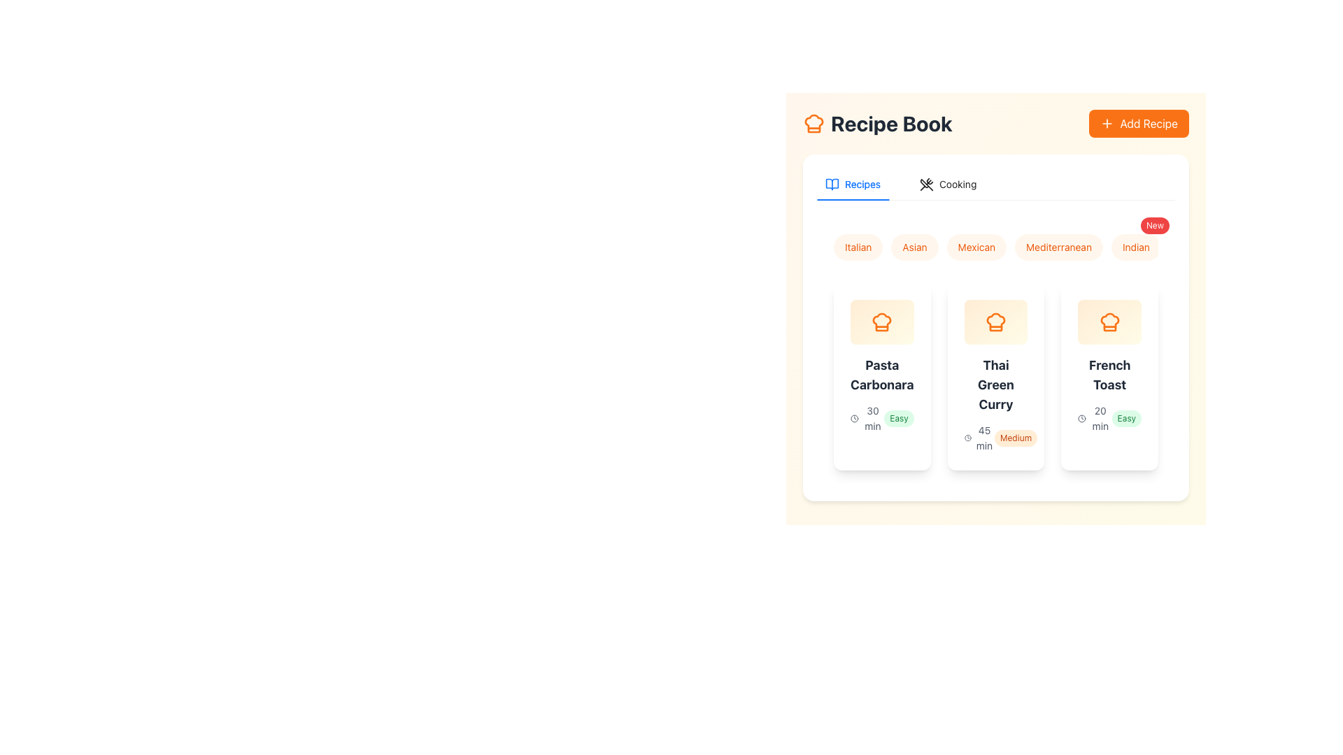 The width and height of the screenshot is (1343, 755). Describe the element at coordinates (995, 438) in the screenshot. I see `the informational label displaying the duration '45 min' and difficulty level 'Medium' for the recipe 'Thai Green Curry', which includes a clock icon and an orange pill-shaped background` at that location.